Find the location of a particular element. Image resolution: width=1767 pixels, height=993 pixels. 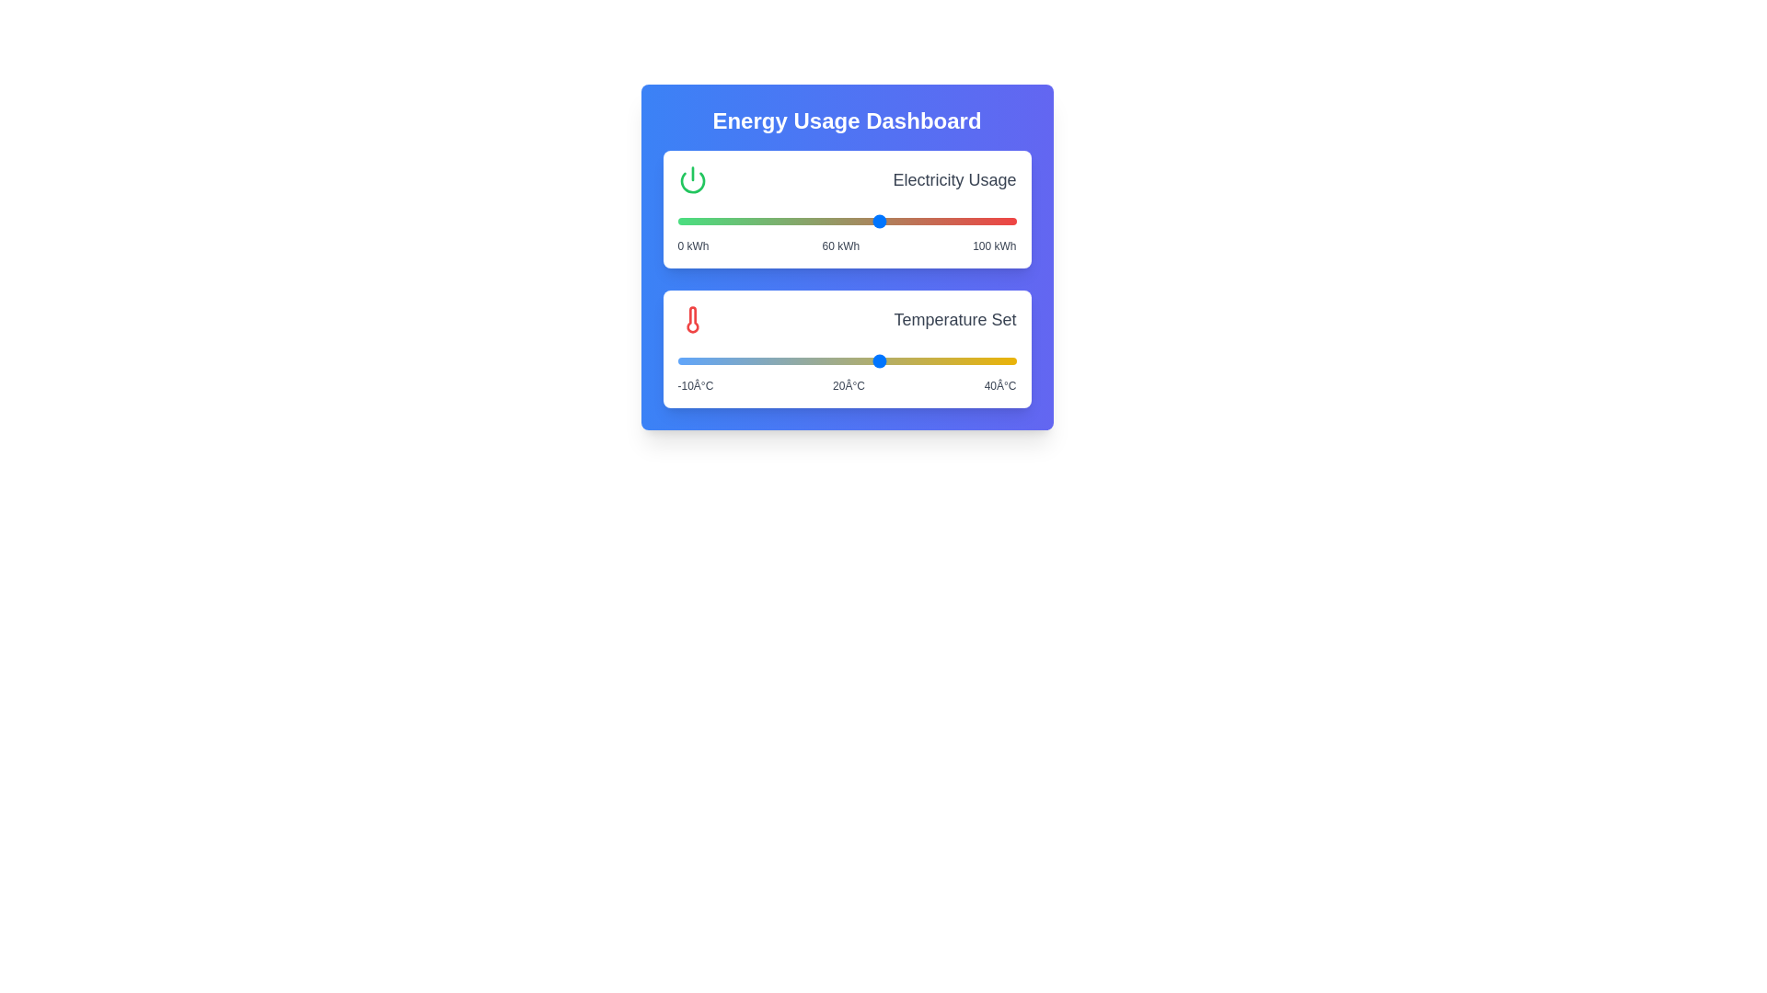

the temperature slider to 29°C is located at coordinates (941, 361).